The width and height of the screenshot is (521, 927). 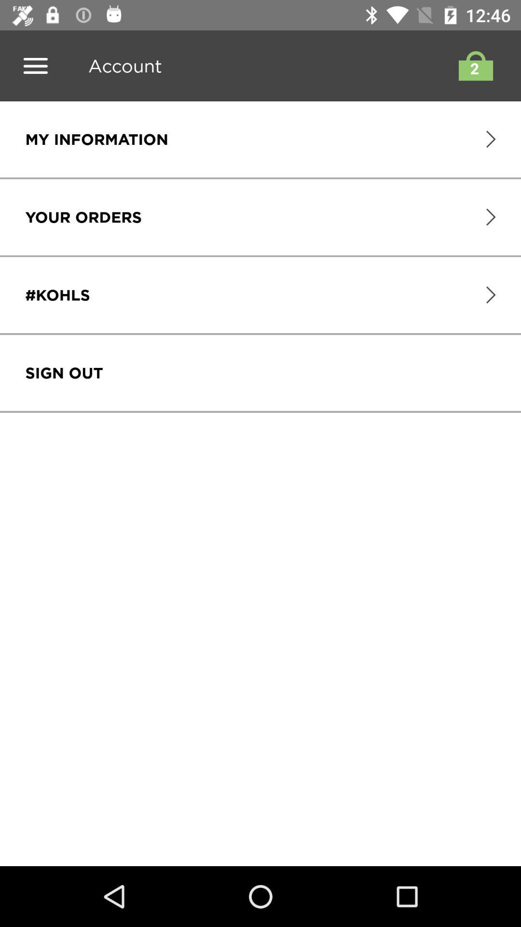 What do you see at coordinates (57, 295) in the screenshot?
I see `item below the your orders icon` at bounding box center [57, 295].